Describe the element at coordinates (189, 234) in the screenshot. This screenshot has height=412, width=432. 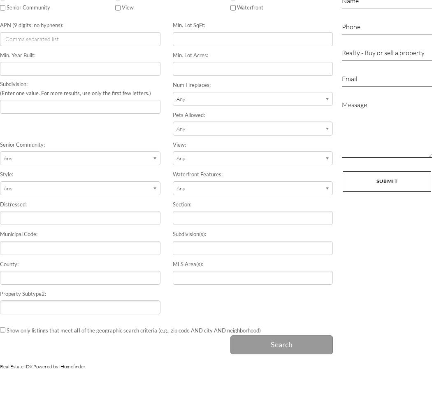
I see `'Subdivision(s):'` at that location.